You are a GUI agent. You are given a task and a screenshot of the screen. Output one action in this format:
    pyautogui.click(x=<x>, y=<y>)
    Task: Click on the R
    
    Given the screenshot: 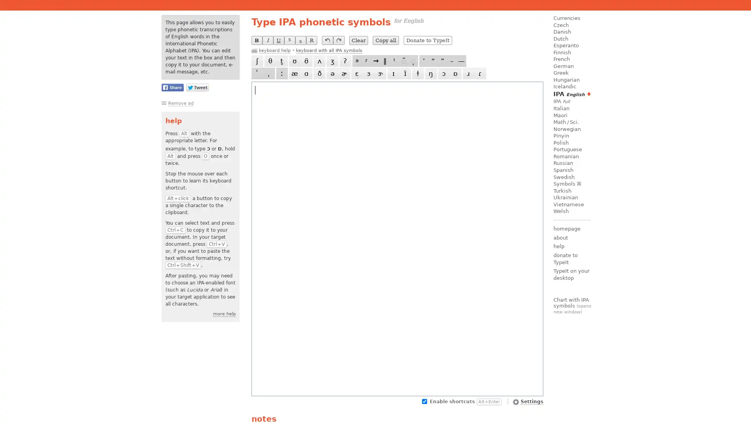 What is the action you would take?
    pyautogui.click(x=311, y=40)
    